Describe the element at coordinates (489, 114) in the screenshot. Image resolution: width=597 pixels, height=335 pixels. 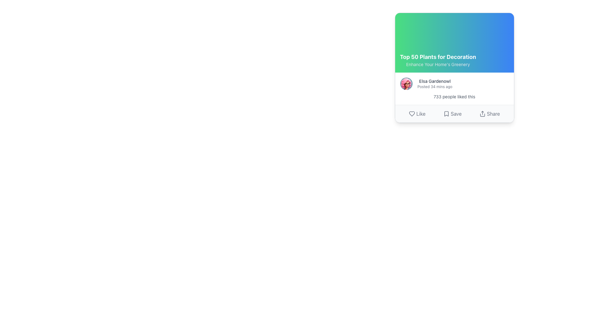
I see `the Share button, which is the third button in a row of buttons at the bottom of the card layout, to share the associated content` at that location.